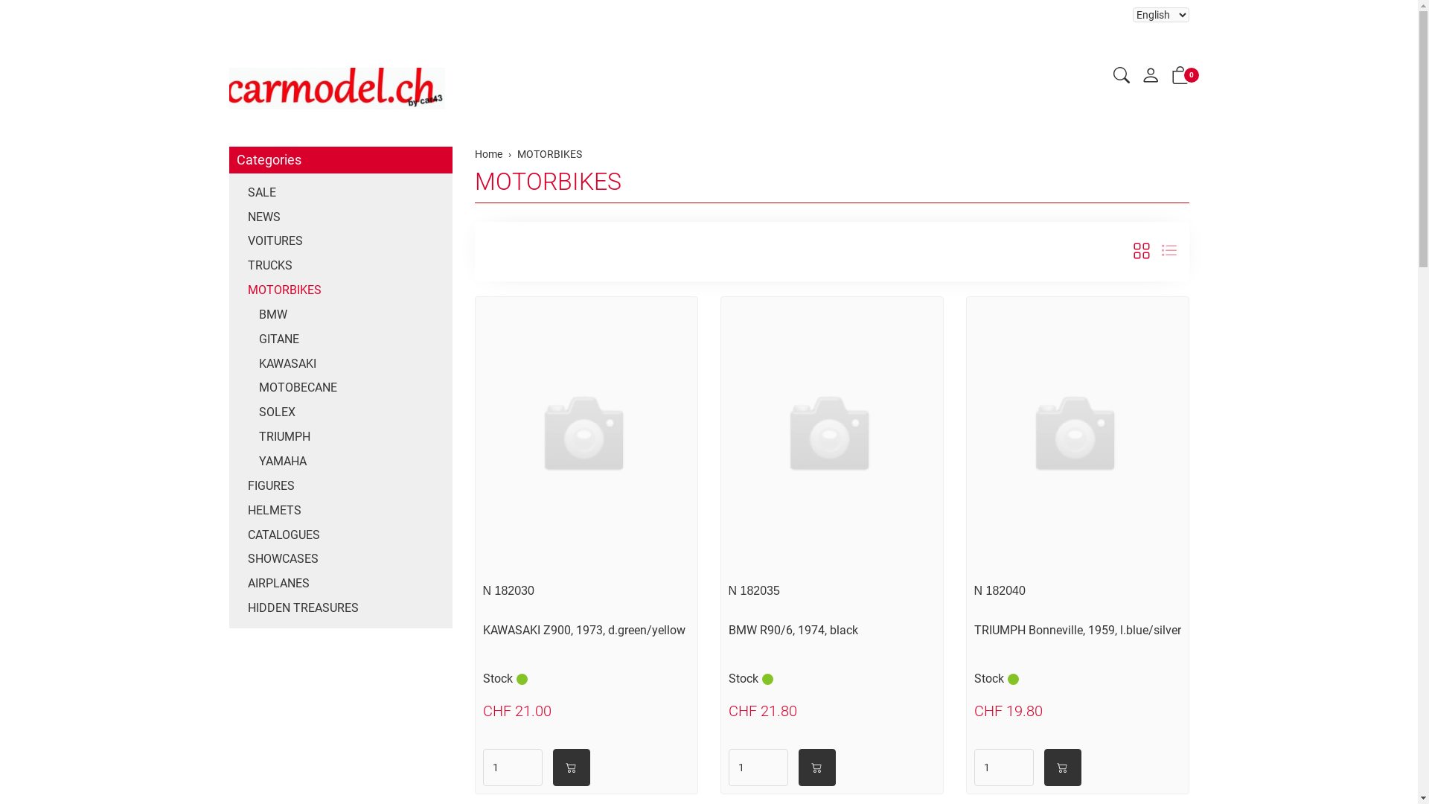 The width and height of the screenshot is (1429, 804). I want to click on 'Quantity', so click(1003, 767).